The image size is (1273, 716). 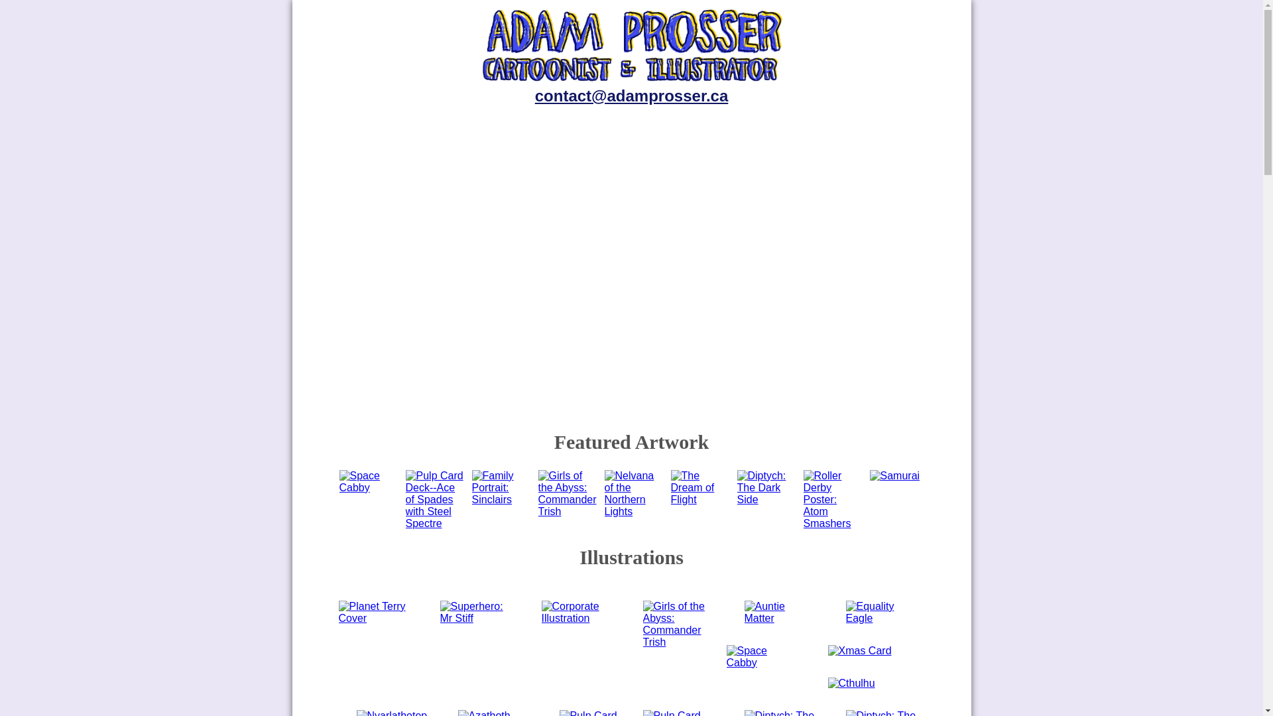 What do you see at coordinates (894, 475) in the screenshot?
I see `'Samurai'` at bounding box center [894, 475].